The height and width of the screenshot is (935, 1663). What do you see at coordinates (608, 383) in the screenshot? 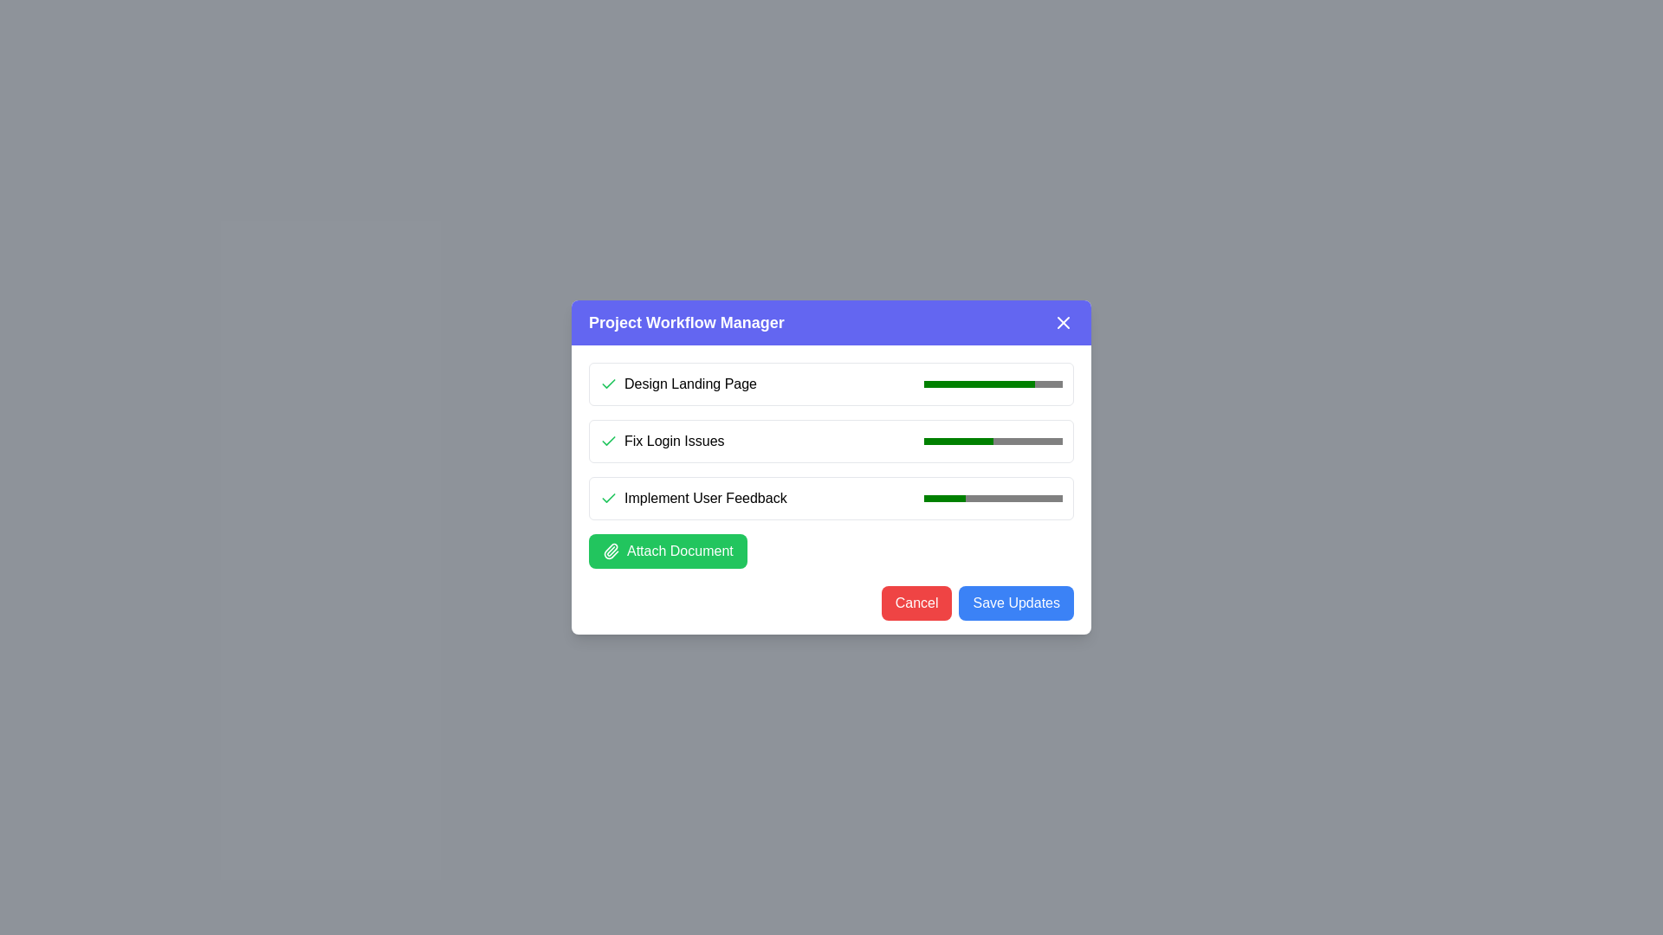
I see `the completion icon located to the left of the 'Design Landing Page' text to understand its meaning` at bounding box center [608, 383].